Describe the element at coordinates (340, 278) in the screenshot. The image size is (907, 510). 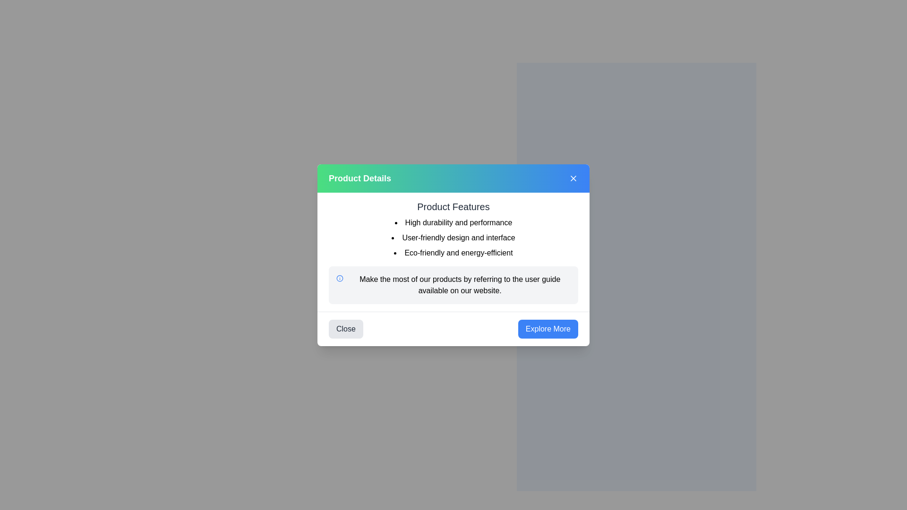
I see `the circular icon represented as an SVG element located centrally within the modal dialog` at that location.